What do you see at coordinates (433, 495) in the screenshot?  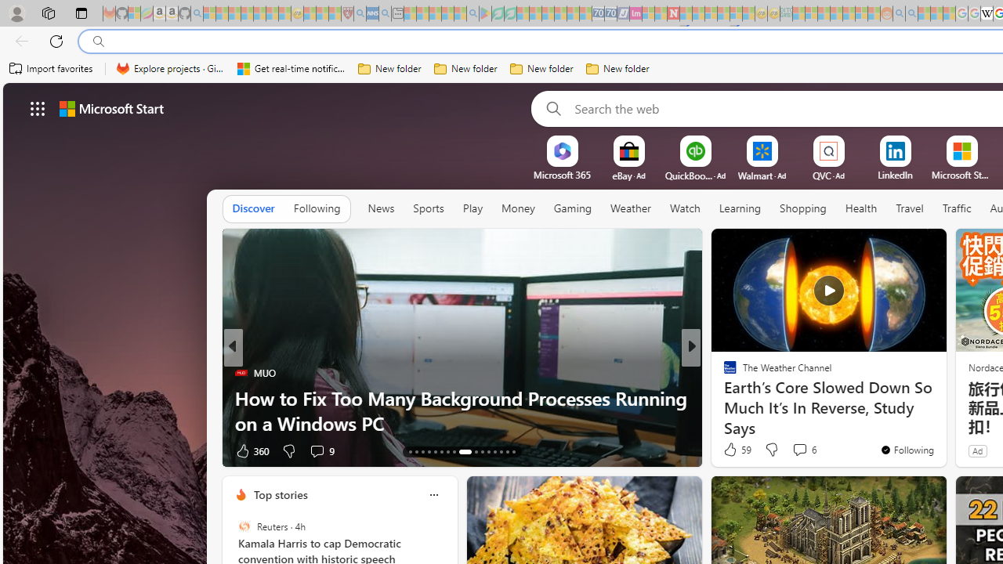 I see `'Class: icon-img'` at bounding box center [433, 495].